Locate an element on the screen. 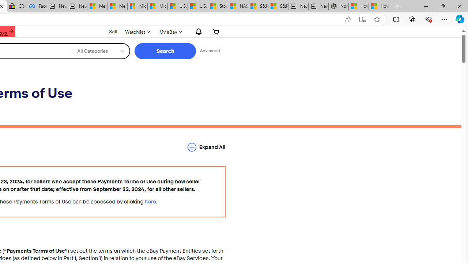  'Your shopping cart' is located at coordinates (216, 31).